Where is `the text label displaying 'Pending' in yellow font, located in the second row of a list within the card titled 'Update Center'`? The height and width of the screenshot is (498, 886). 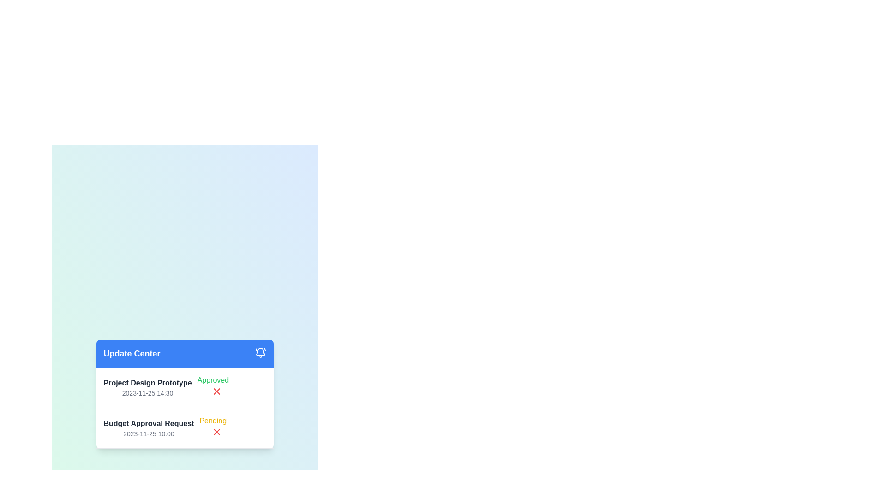
the text label displaying 'Pending' in yellow font, located in the second row of a list within the card titled 'Update Center' is located at coordinates (212, 428).